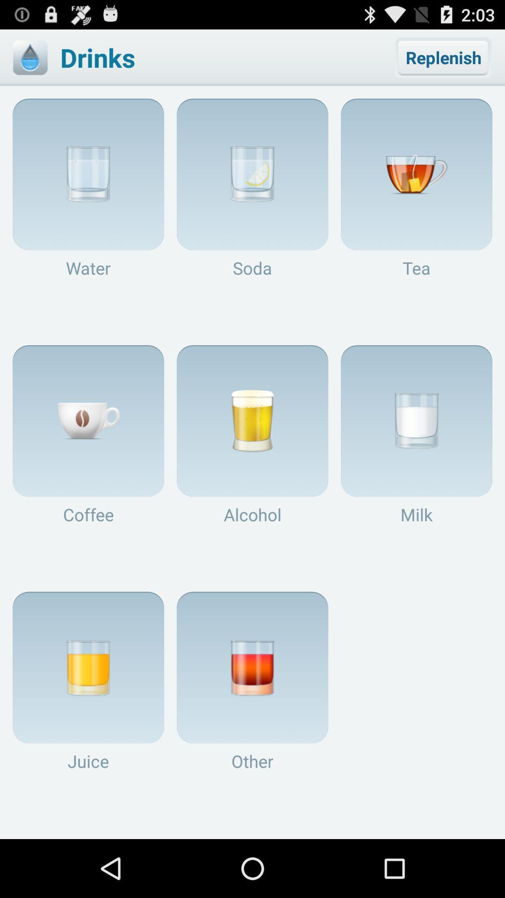  I want to click on the replenish button, so click(443, 57).